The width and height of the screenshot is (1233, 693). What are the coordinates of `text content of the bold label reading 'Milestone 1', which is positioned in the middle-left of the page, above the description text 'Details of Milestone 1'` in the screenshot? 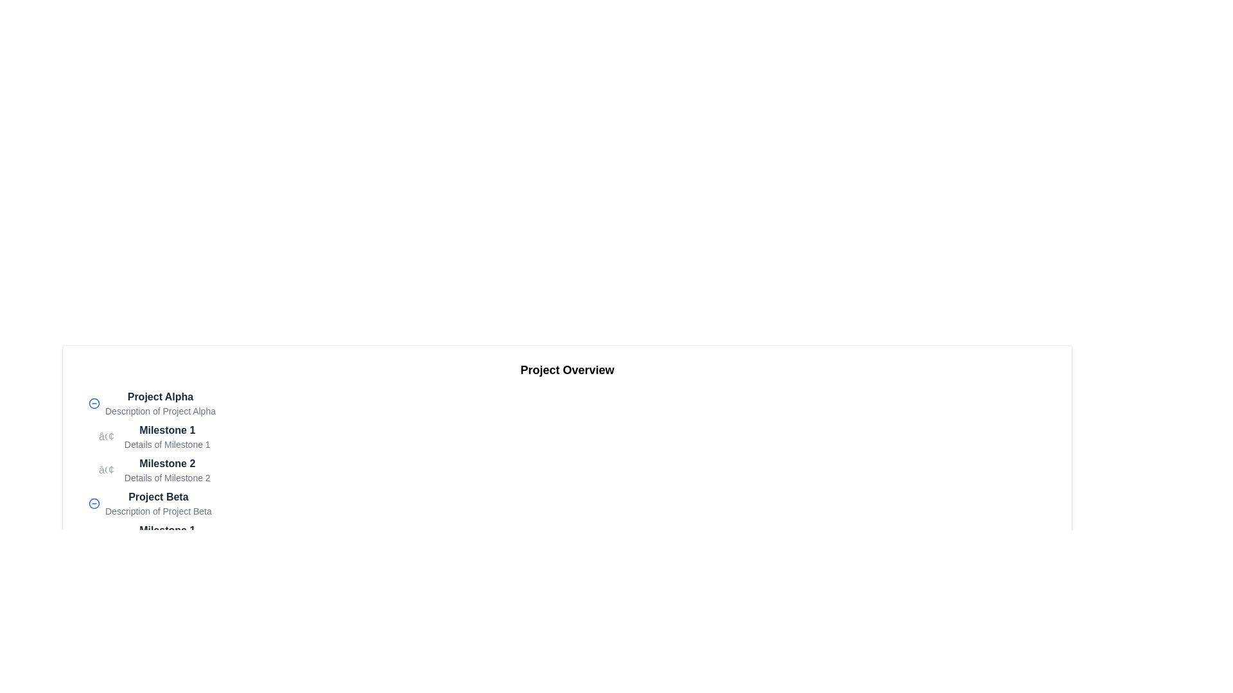 It's located at (166, 530).